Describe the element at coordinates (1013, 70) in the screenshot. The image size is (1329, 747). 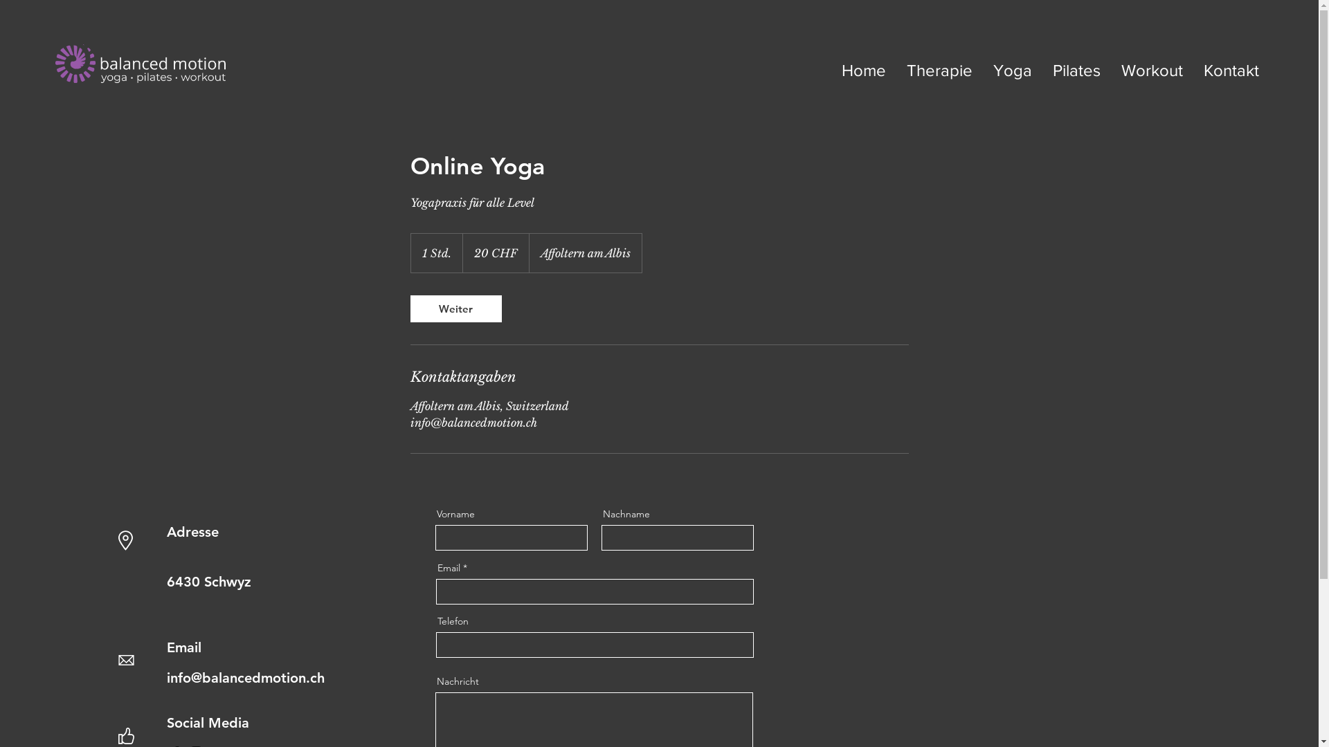
I see `'Yoga'` at that location.